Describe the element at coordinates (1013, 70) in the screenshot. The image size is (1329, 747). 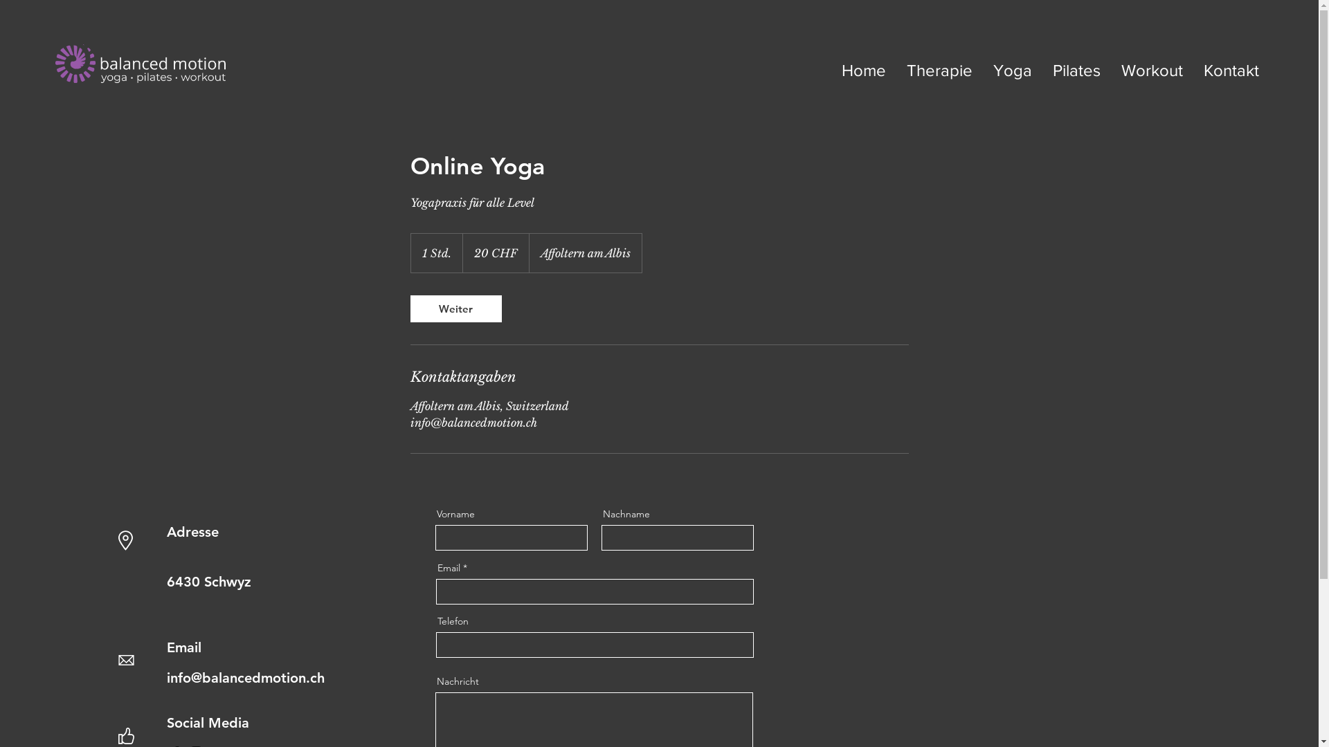
I see `'Yoga'` at that location.